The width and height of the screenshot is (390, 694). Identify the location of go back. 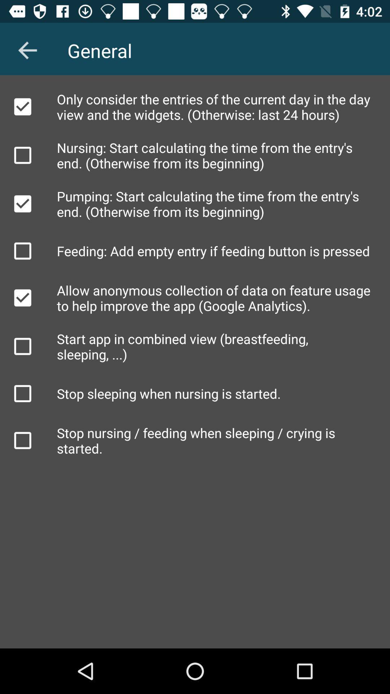
(27, 50).